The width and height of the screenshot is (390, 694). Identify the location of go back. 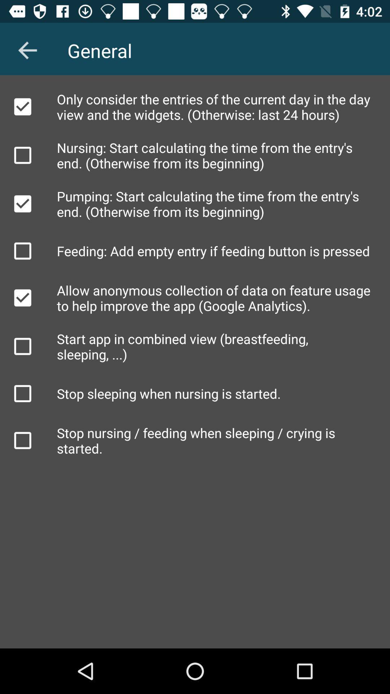
(27, 50).